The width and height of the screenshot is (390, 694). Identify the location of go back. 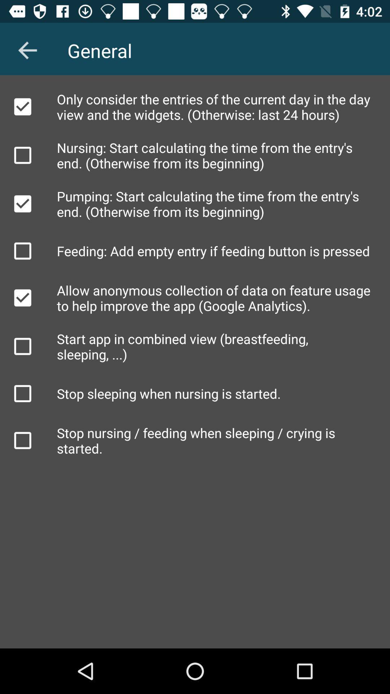
(27, 50).